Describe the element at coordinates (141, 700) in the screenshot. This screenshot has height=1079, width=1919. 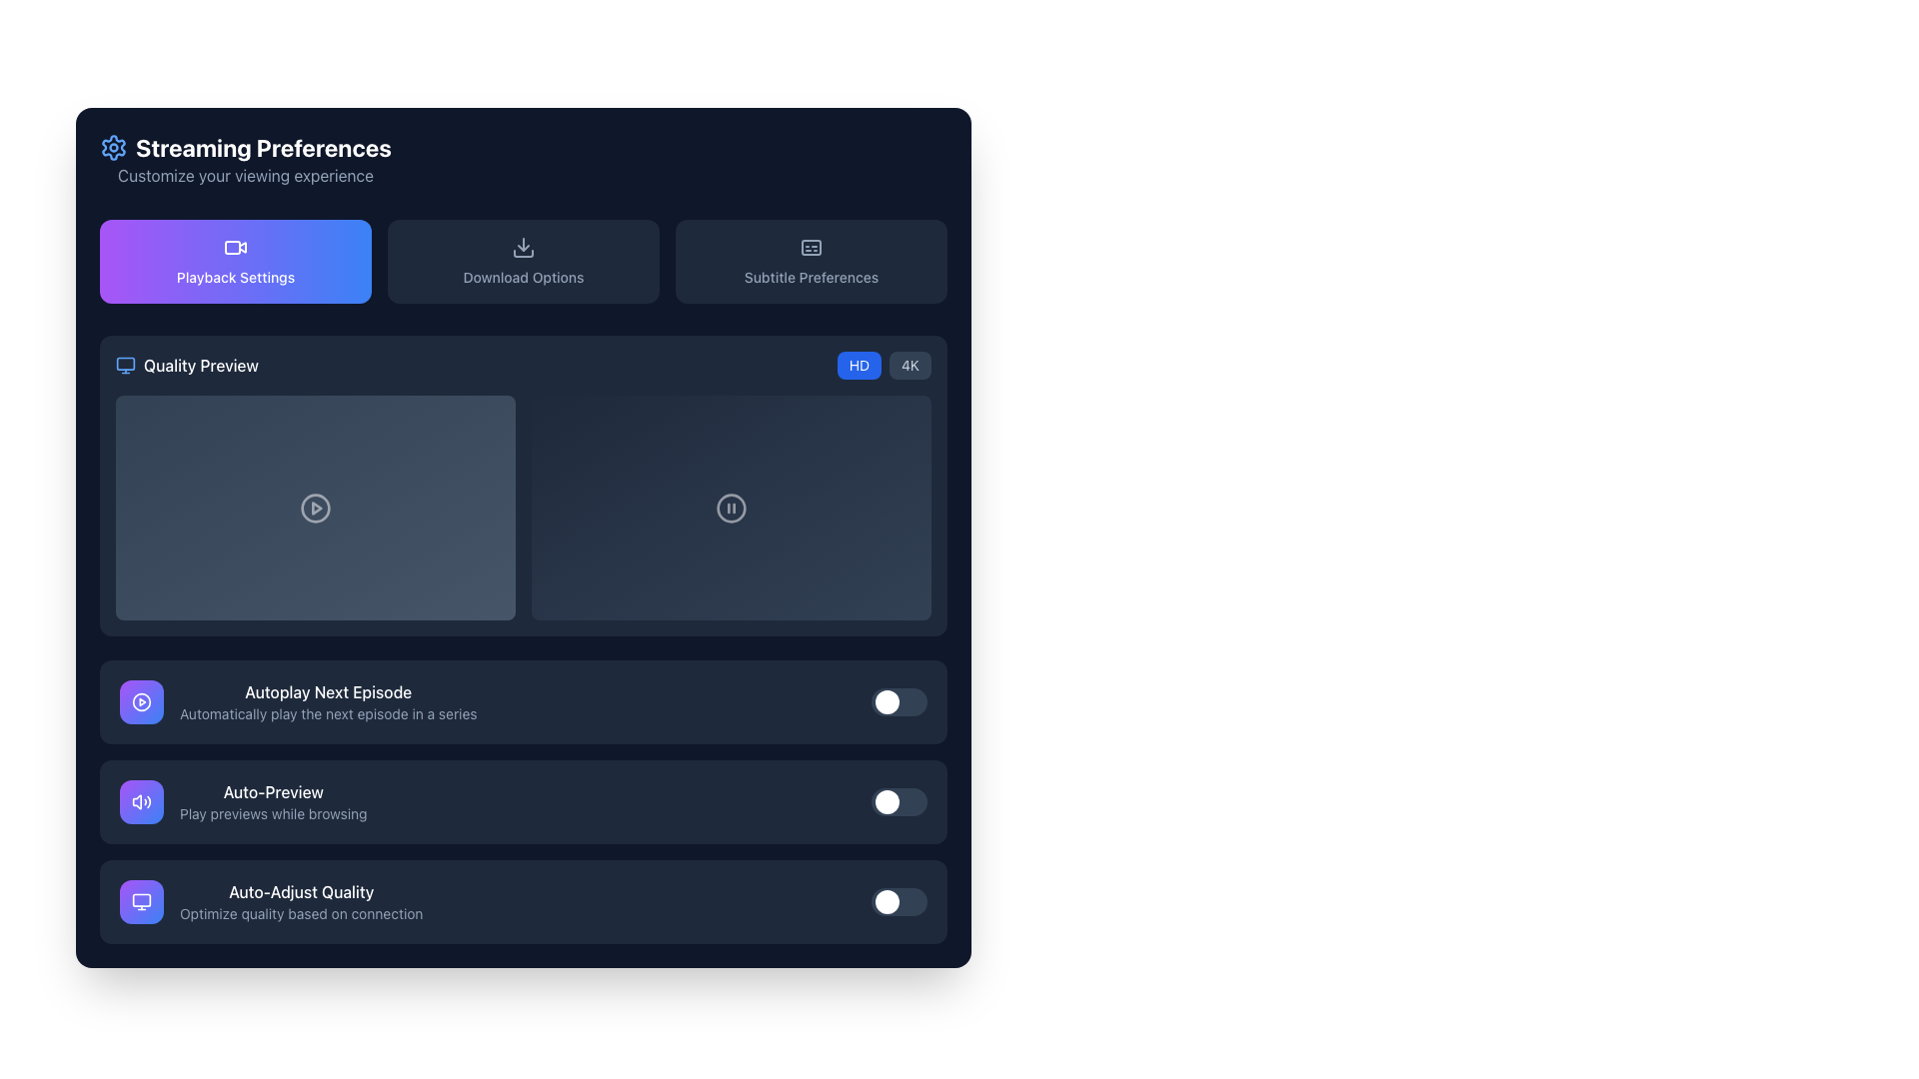
I see `the circular button with a gradient background transitioning from purple to blue, featuring a white play icon in the center, located near the top-left corner of the 'Autoplay Next Episode' section to initiate playback` at that location.